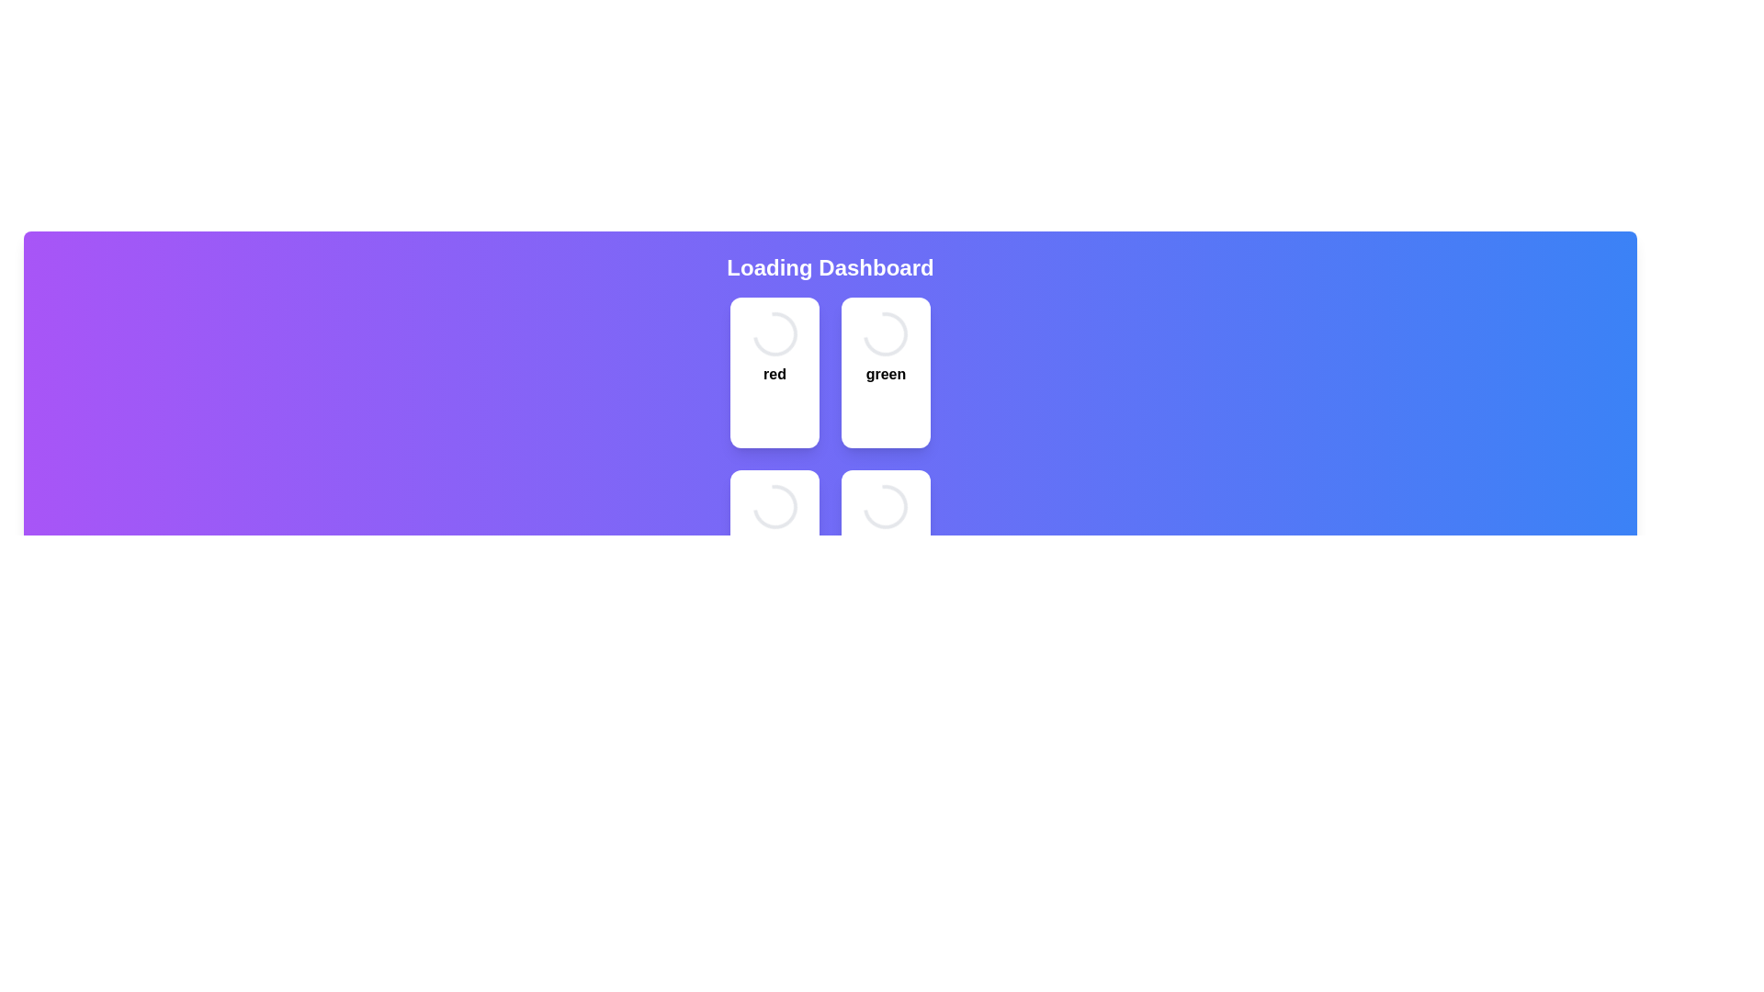  What do you see at coordinates (829, 268) in the screenshot?
I see `the heading text 'Loading Dashboard' styled in bold white font` at bounding box center [829, 268].